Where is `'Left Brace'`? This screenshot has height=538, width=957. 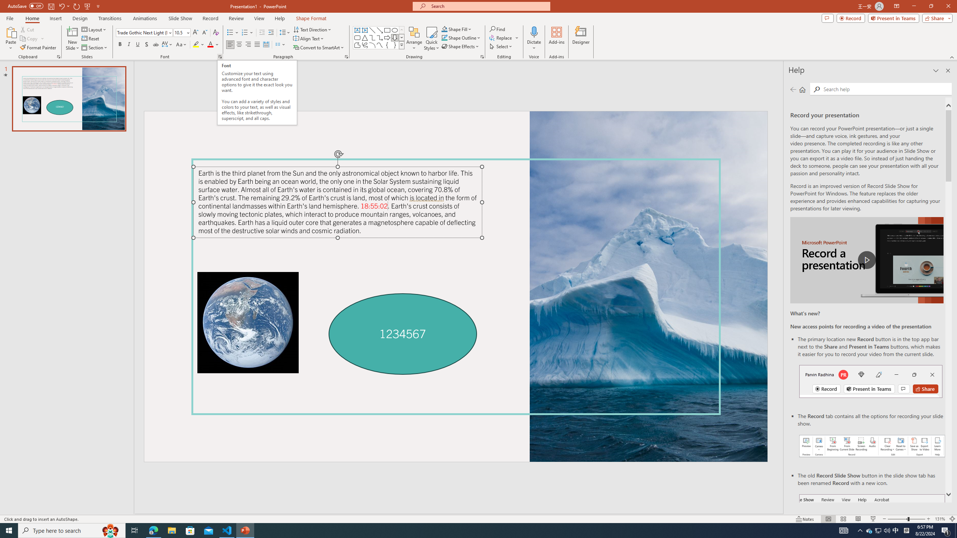
'Left Brace' is located at coordinates (387, 44).